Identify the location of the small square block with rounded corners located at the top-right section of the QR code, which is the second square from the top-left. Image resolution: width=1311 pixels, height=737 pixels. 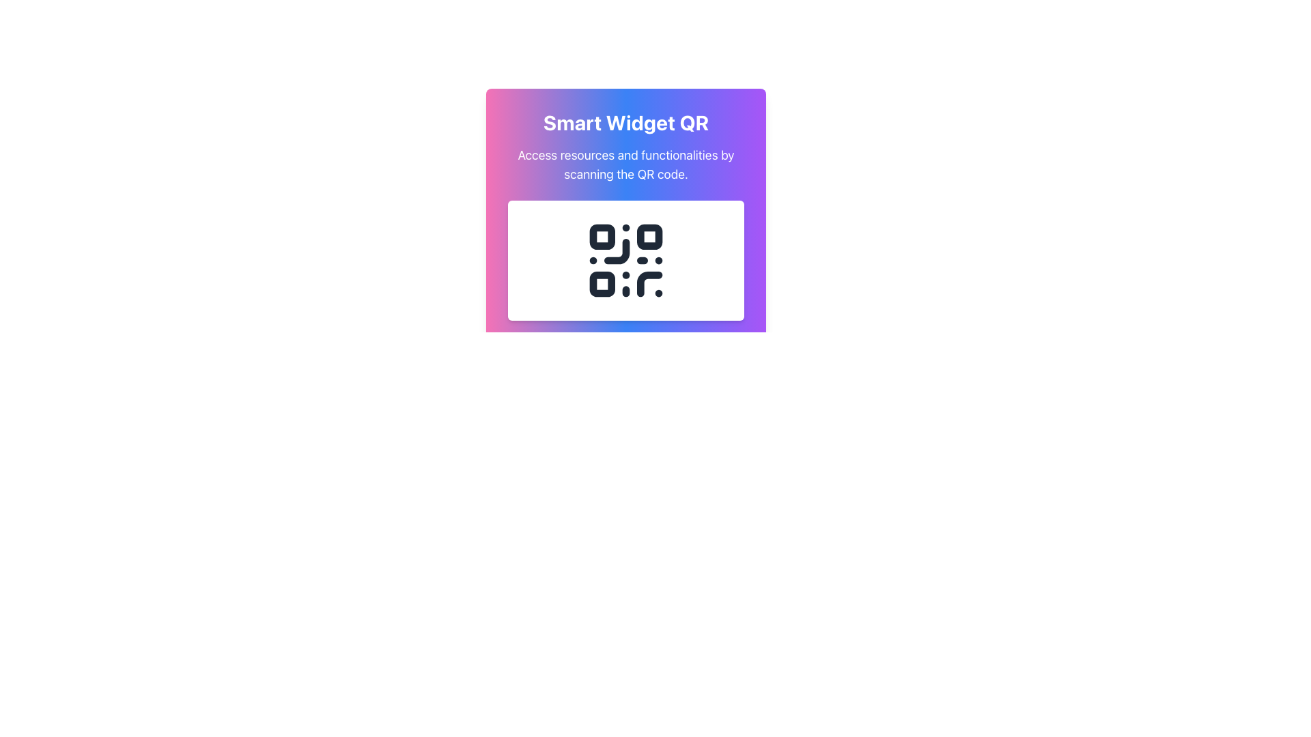
(649, 236).